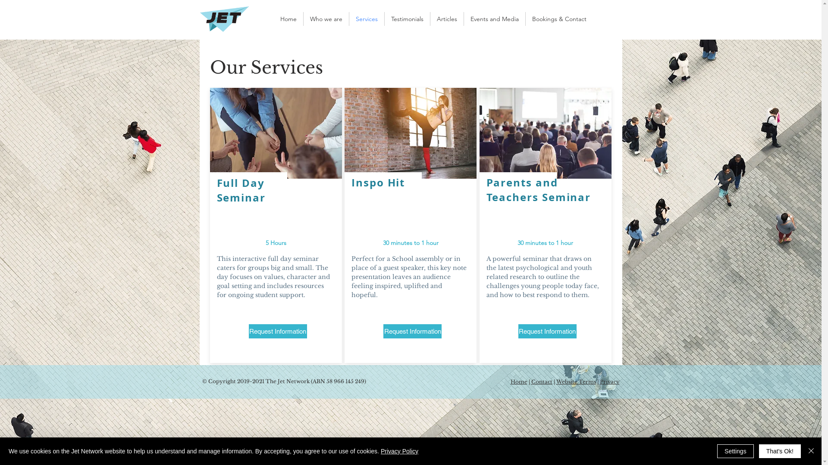 This screenshot has height=465, width=828. Describe the element at coordinates (447, 19) in the screenshot. I see `'Articles'` at that location.